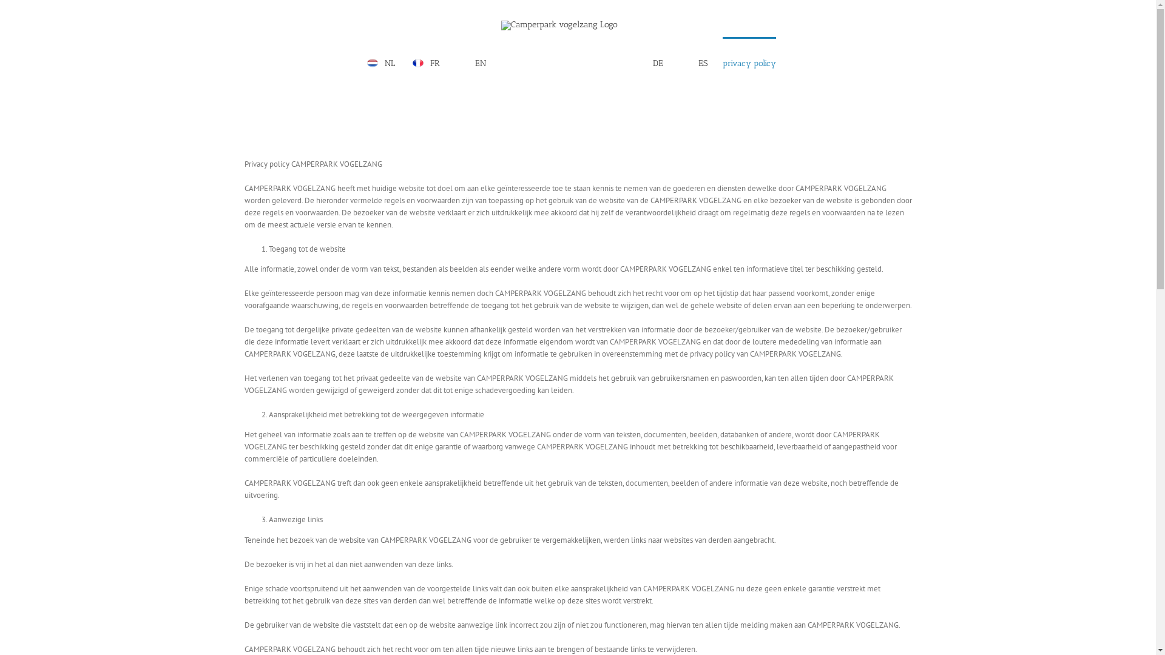 Image resolution: width=1165 pixels, height=655 pixels. Describe the element at coordinates (470, 62) in the screenshot. I see `'EN'` at that location.